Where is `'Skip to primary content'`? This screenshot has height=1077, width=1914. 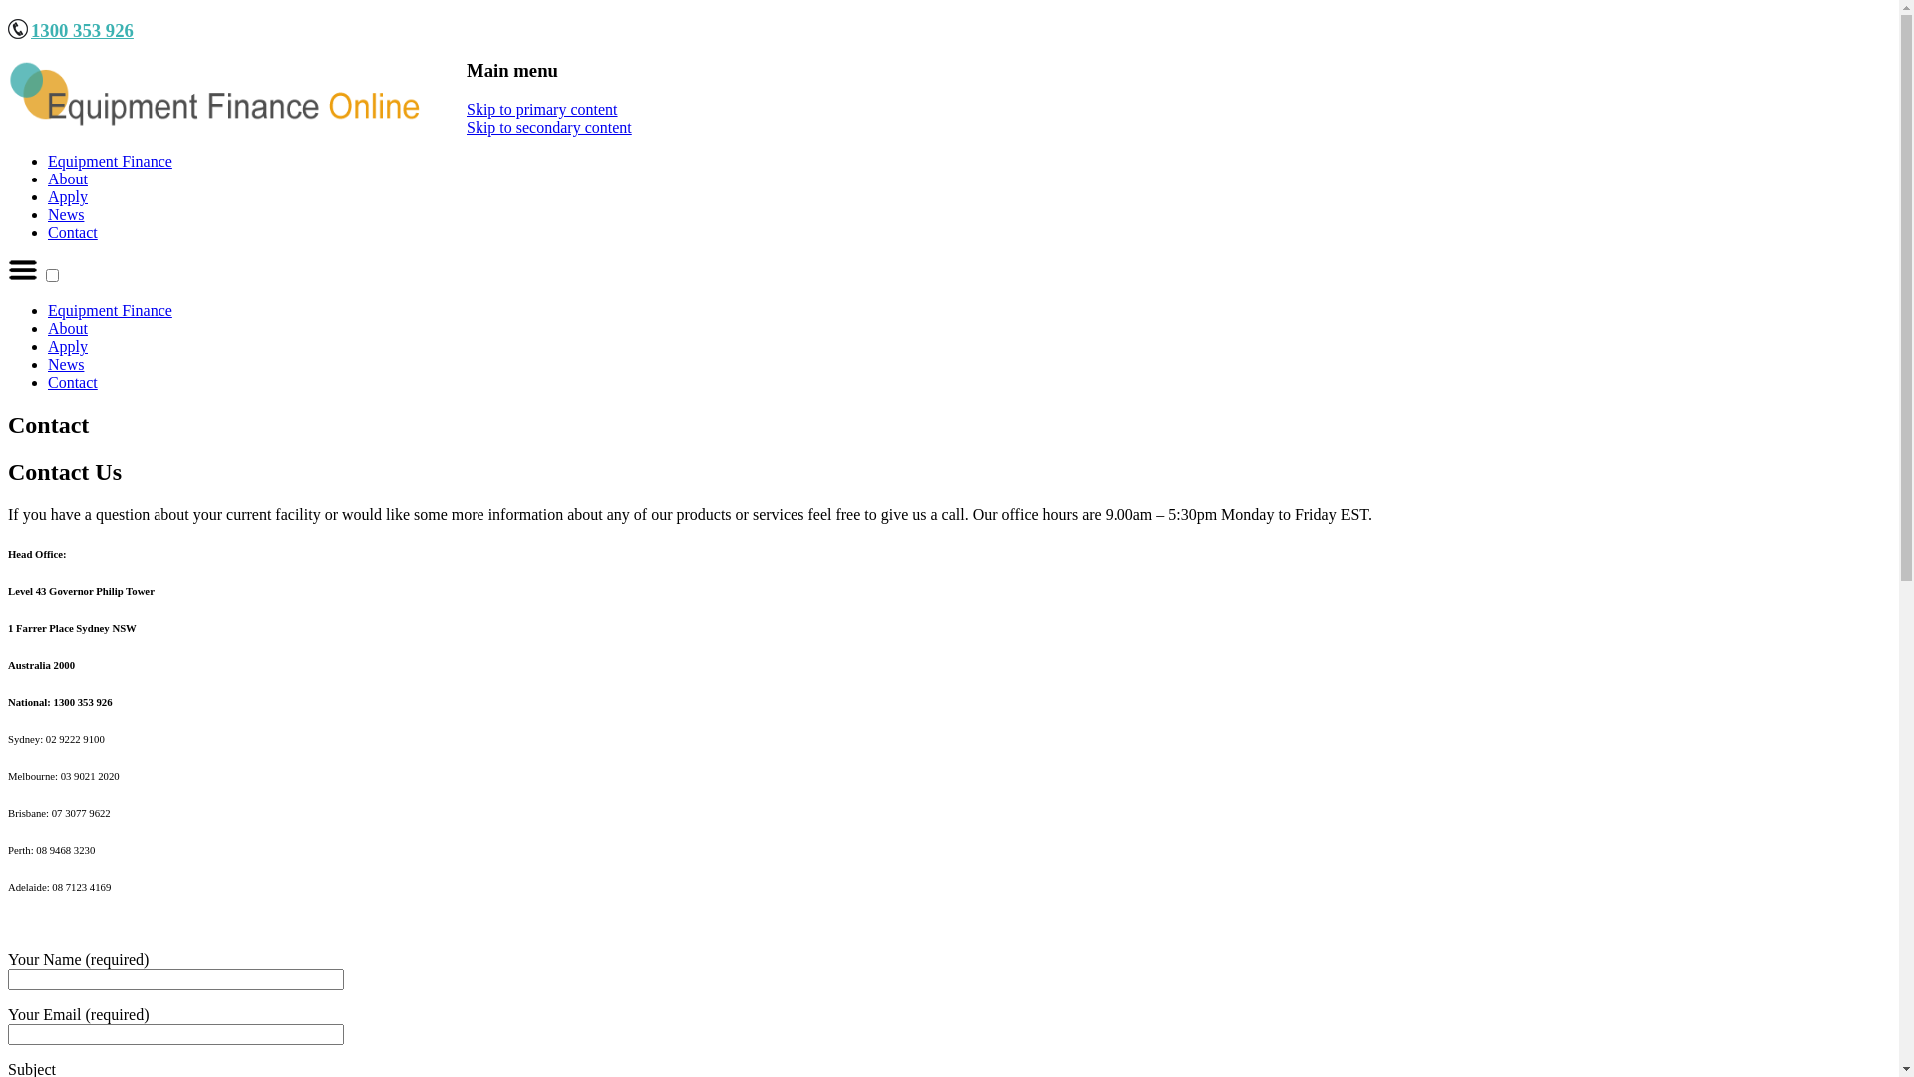 'Skip to primary content' is located at coordinates (541, 109).